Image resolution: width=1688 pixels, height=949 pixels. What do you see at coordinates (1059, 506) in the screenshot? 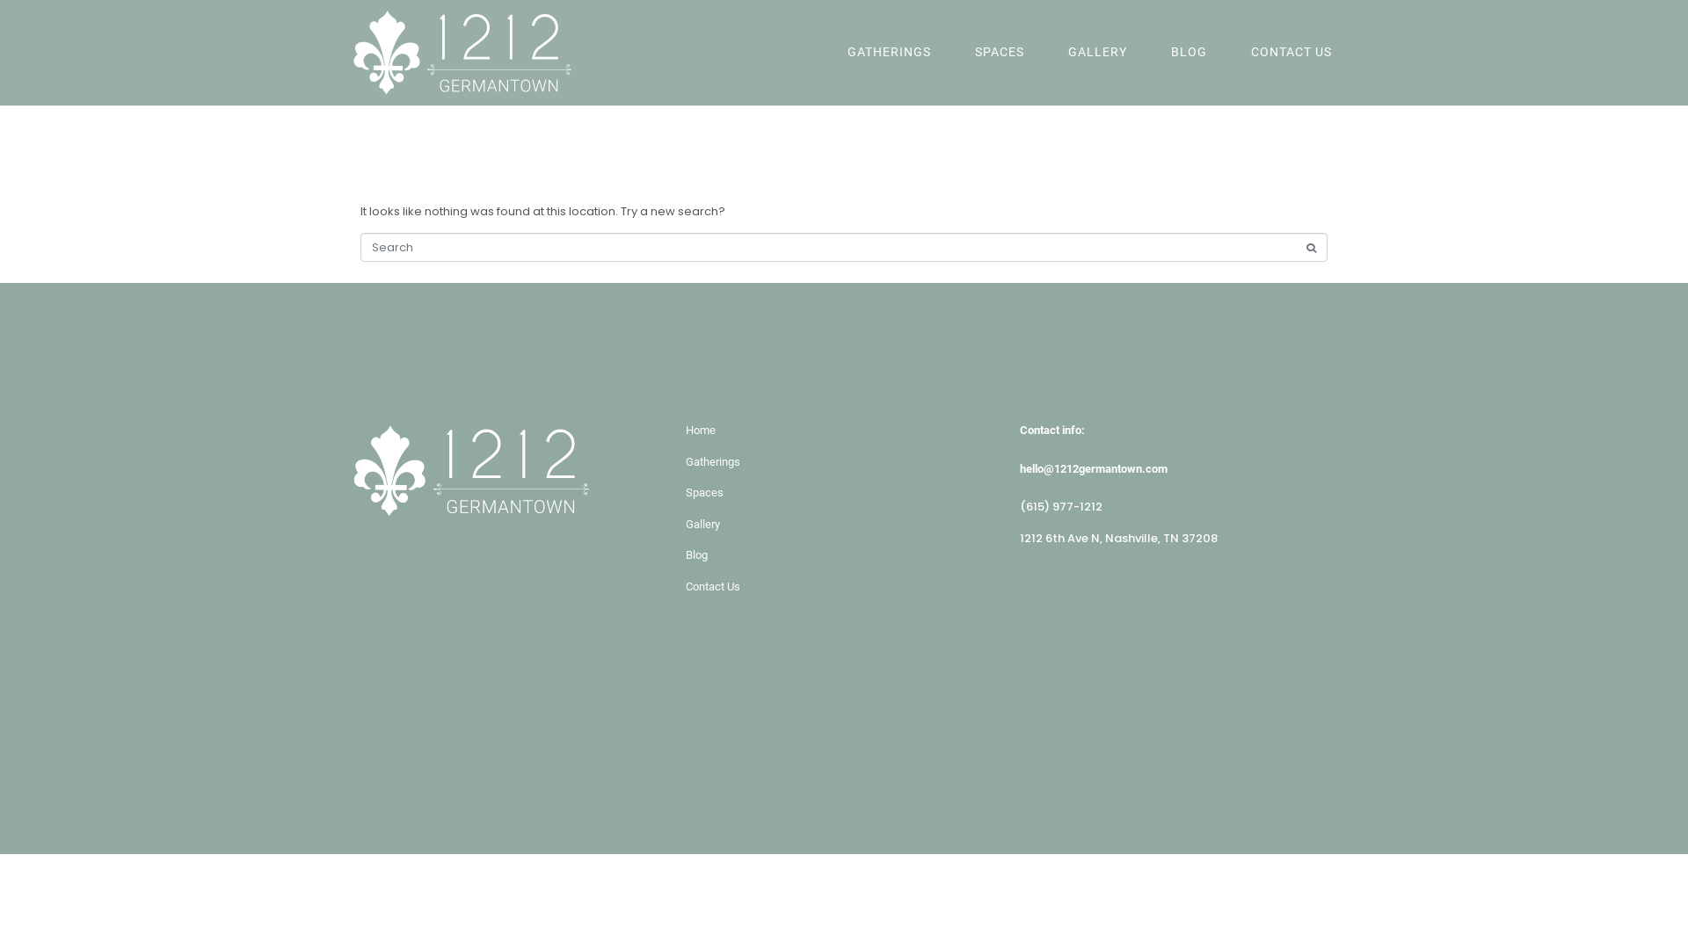
I see `'(615) 977-1212'` at bounding box center [1059, 506].